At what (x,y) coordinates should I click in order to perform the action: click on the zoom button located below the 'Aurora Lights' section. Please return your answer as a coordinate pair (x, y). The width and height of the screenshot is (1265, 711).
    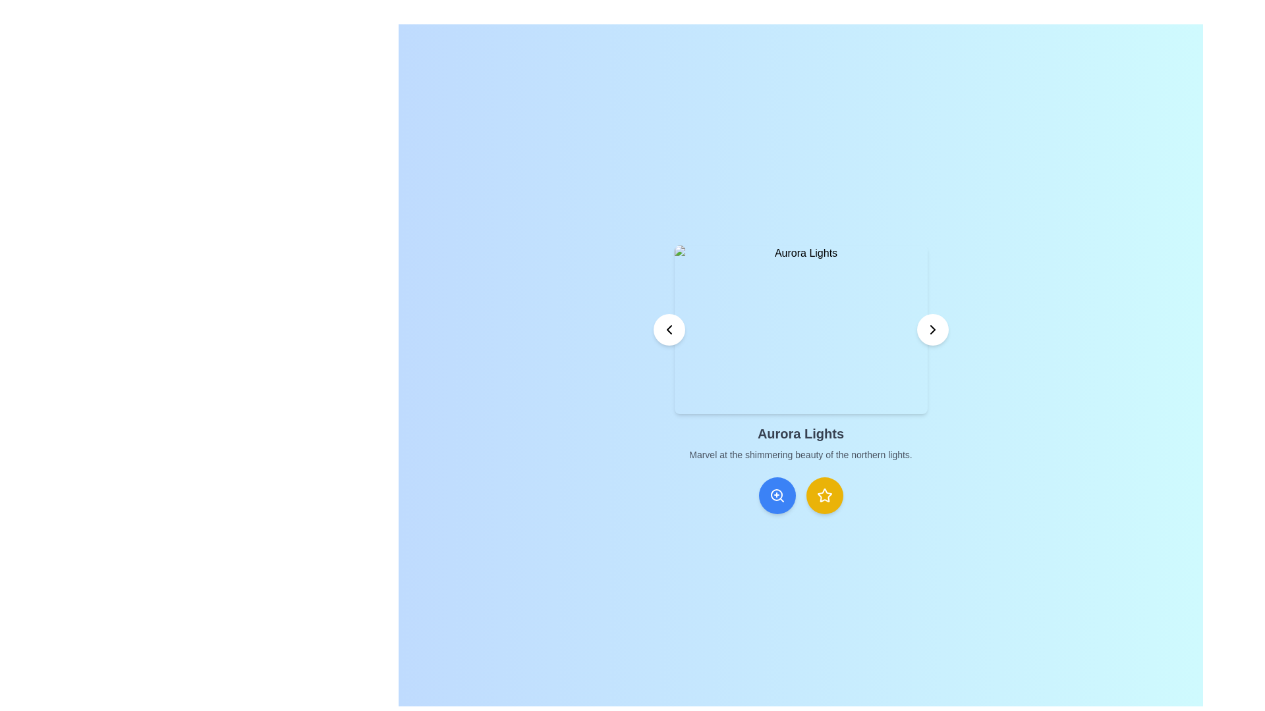
    Looking at the image, I should click on (777, 495).